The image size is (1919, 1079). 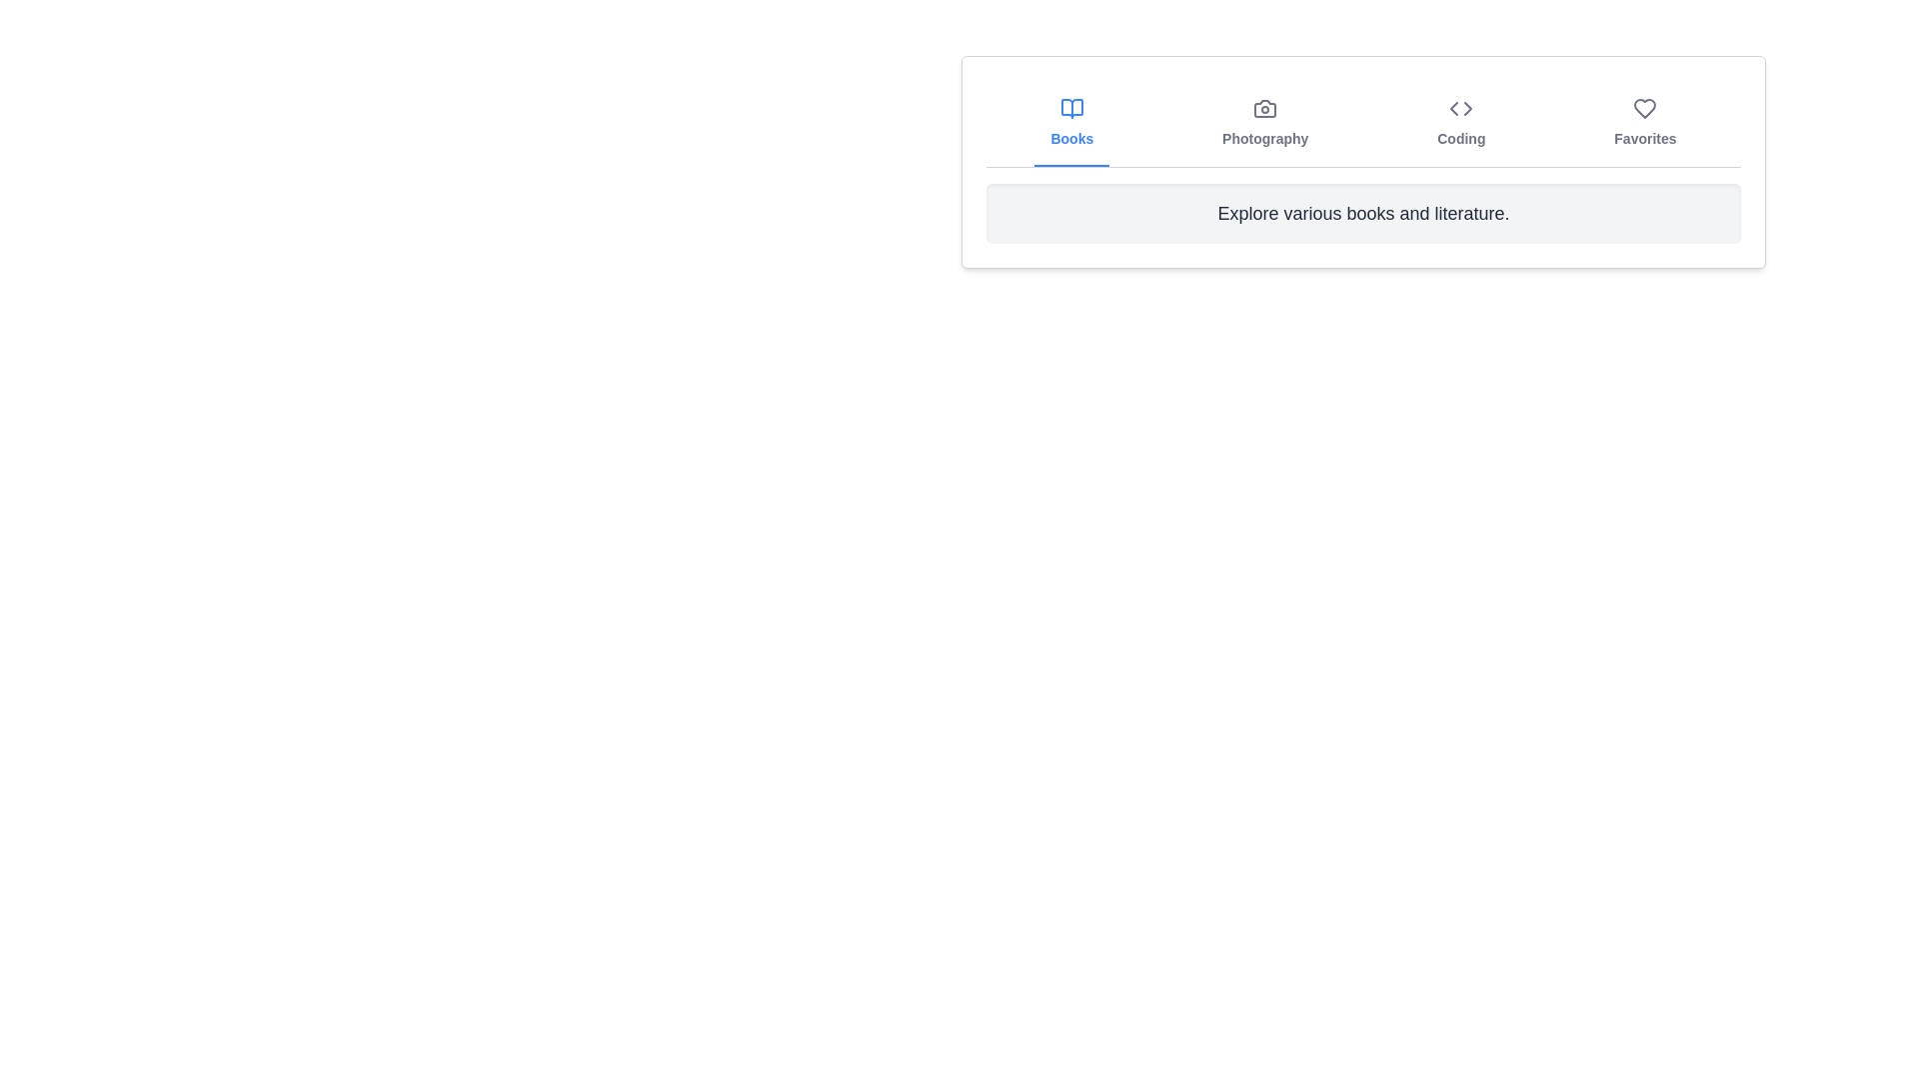 I want to click on the camera icon in the top navigation bar, so click(x=1264, y=108).